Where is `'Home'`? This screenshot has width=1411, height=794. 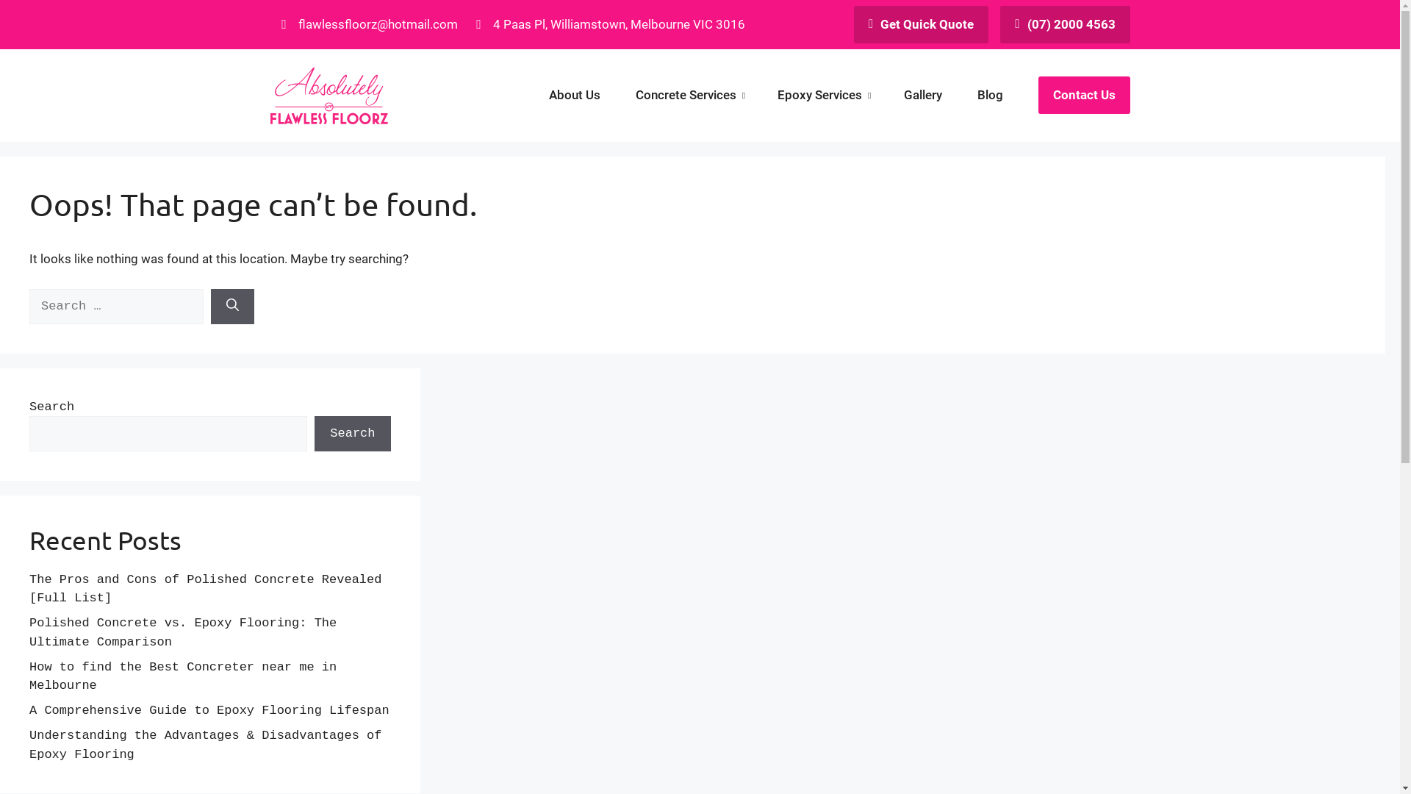
'Home' is located at coordinates (328, 96).